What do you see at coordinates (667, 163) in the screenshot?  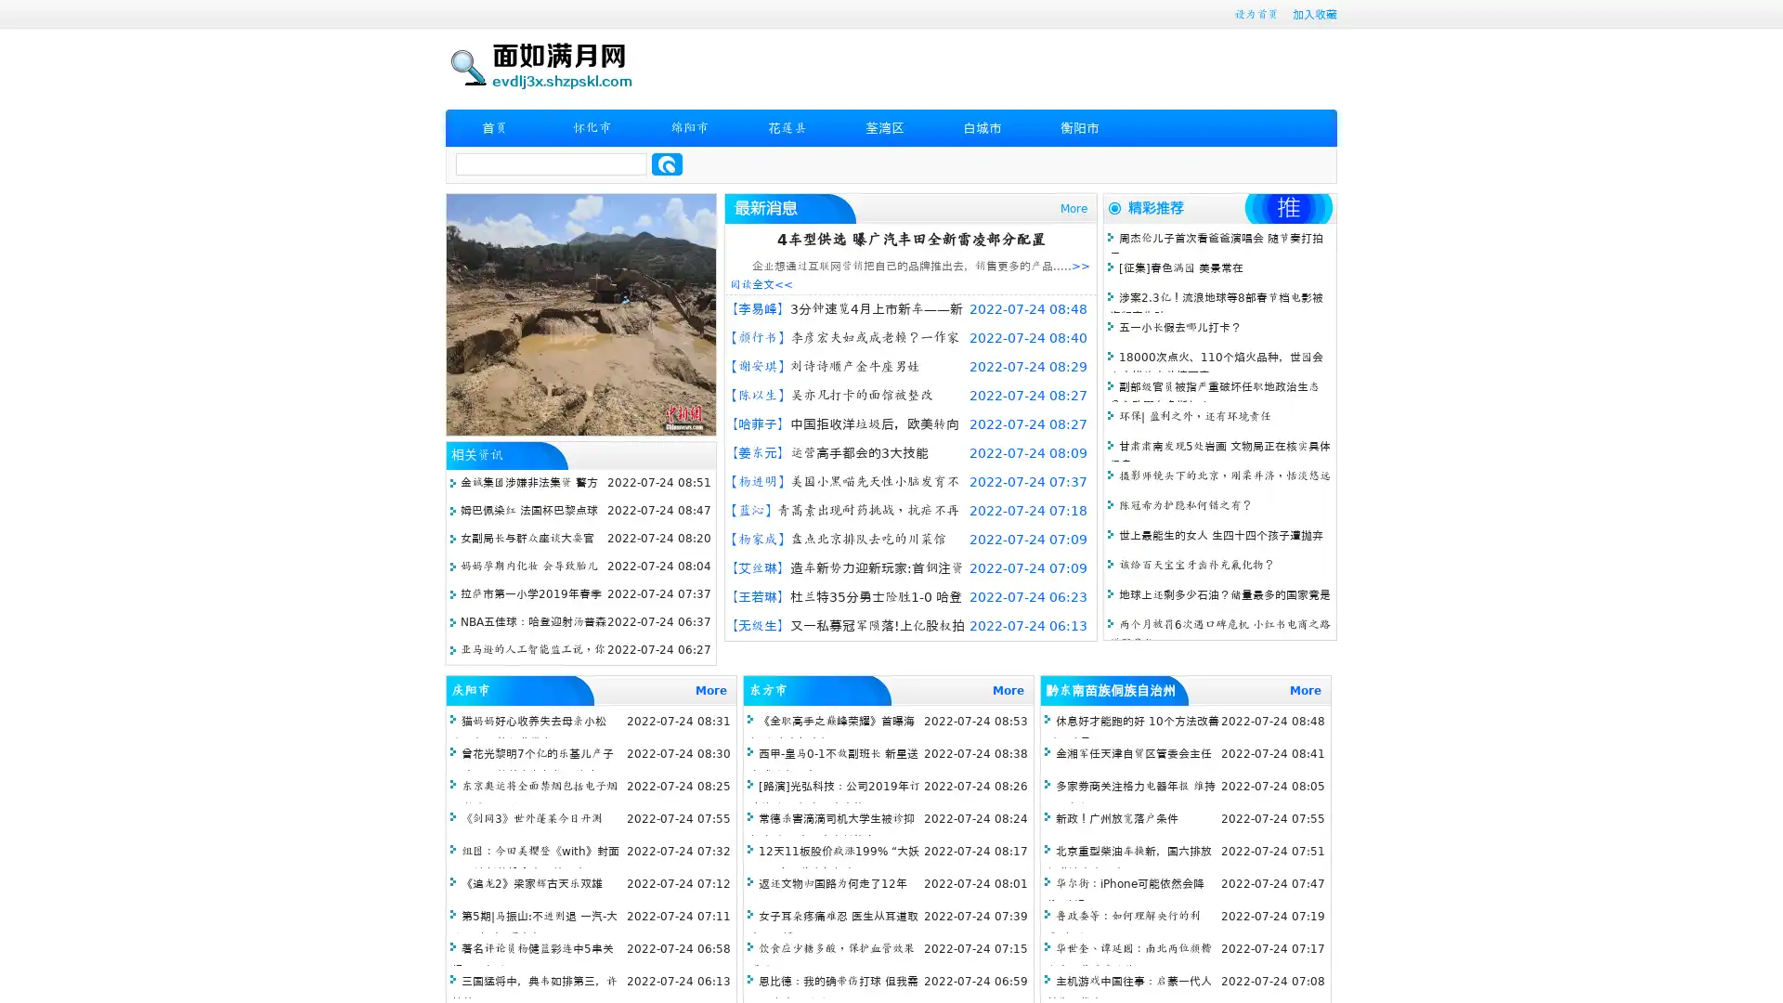 I see `Search` at bounding box center [667, 163].